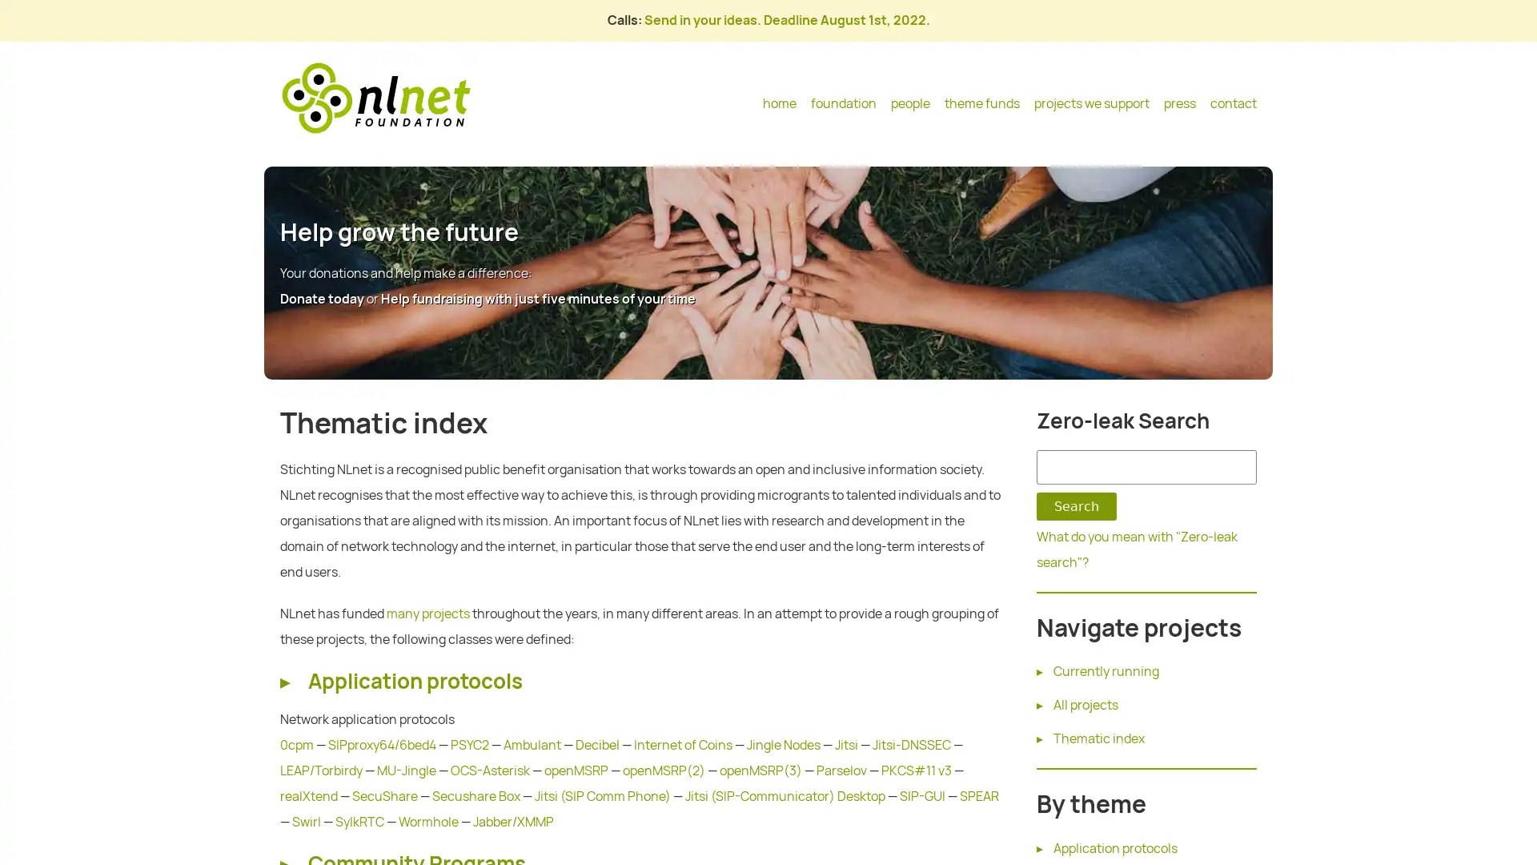 The width and height of the screenshot is (1537, 865). Describe the element at coordinates (1076, 506) in the screenshot. I see `Search` at that location.